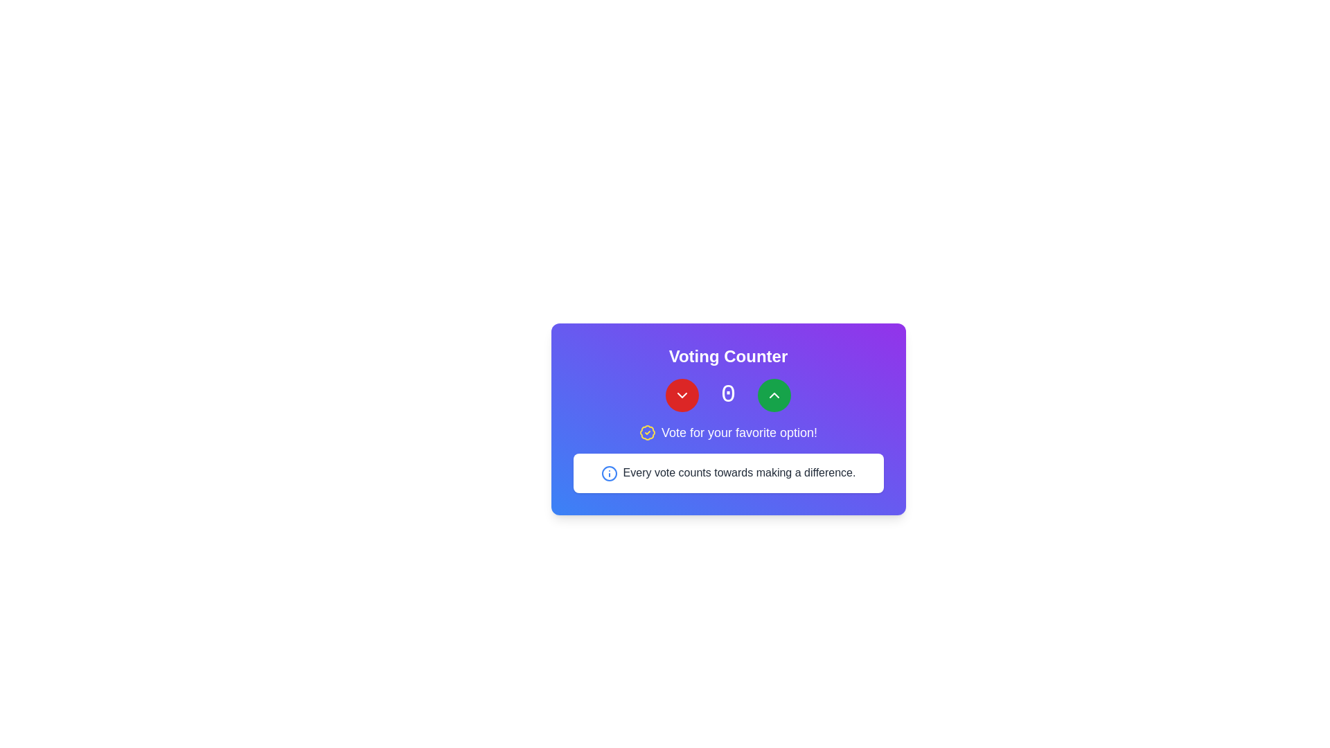 The width and height of the screenshot is (1330, 748). I want to click on the circular icon with a yellow outline and a checkmark inside, which resembles a badge and is located to the left of the text 'Vote for your favorite option!', so click(646, 431).